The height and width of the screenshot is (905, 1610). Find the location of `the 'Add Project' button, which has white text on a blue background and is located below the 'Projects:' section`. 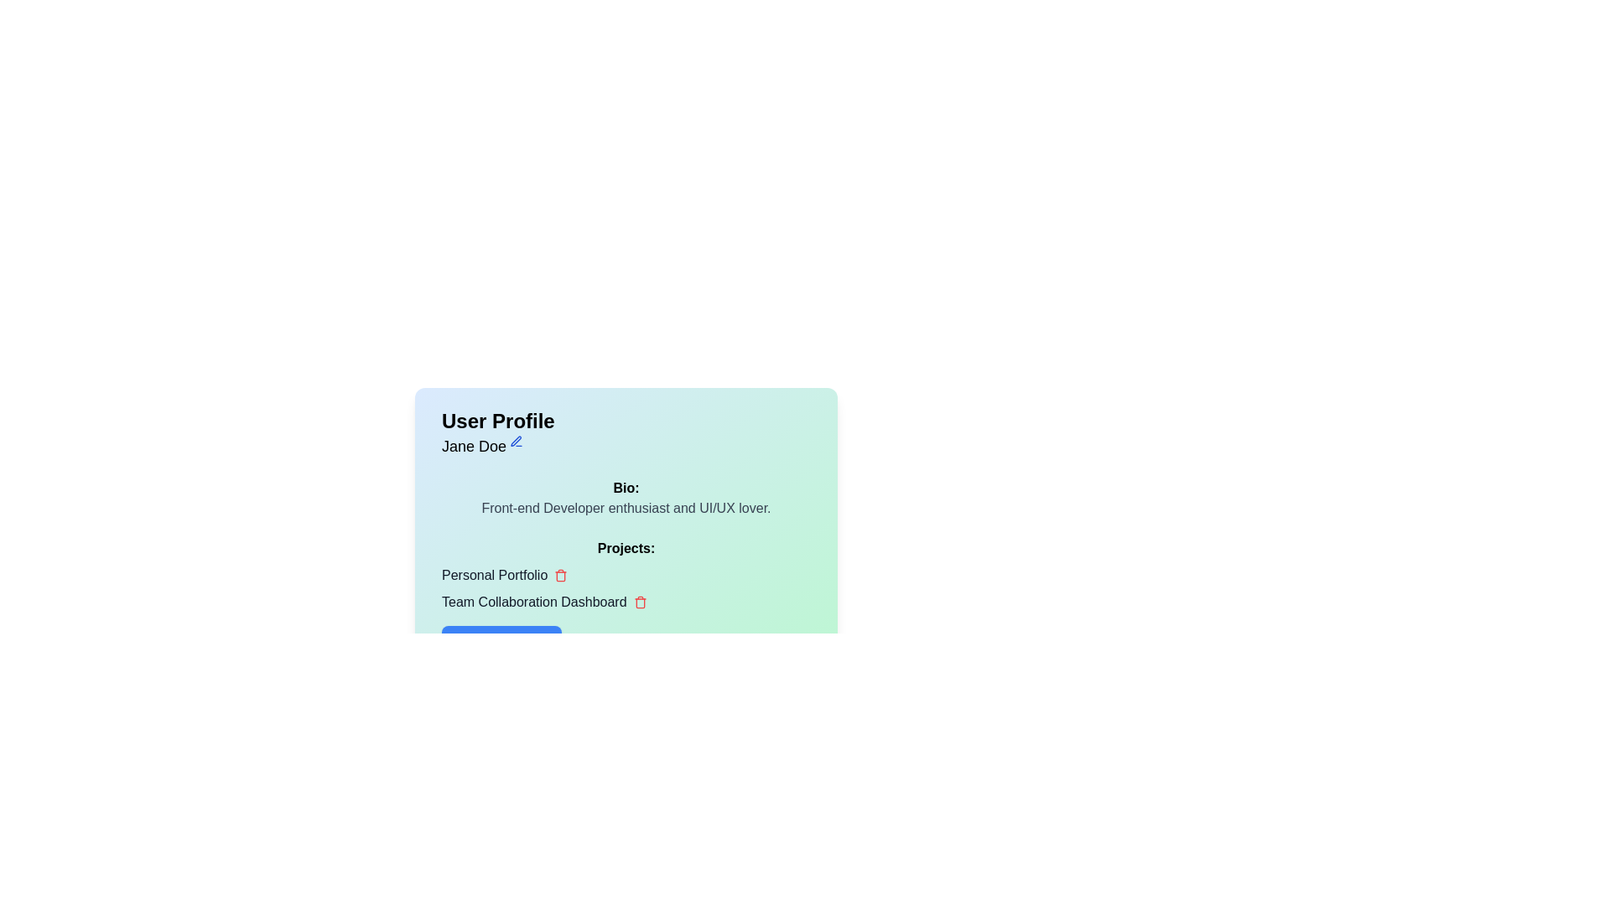

the 'Add Project' button, which has white text on a blue background and is located below the 'Projects:' section is located at coordinates (501, 642).